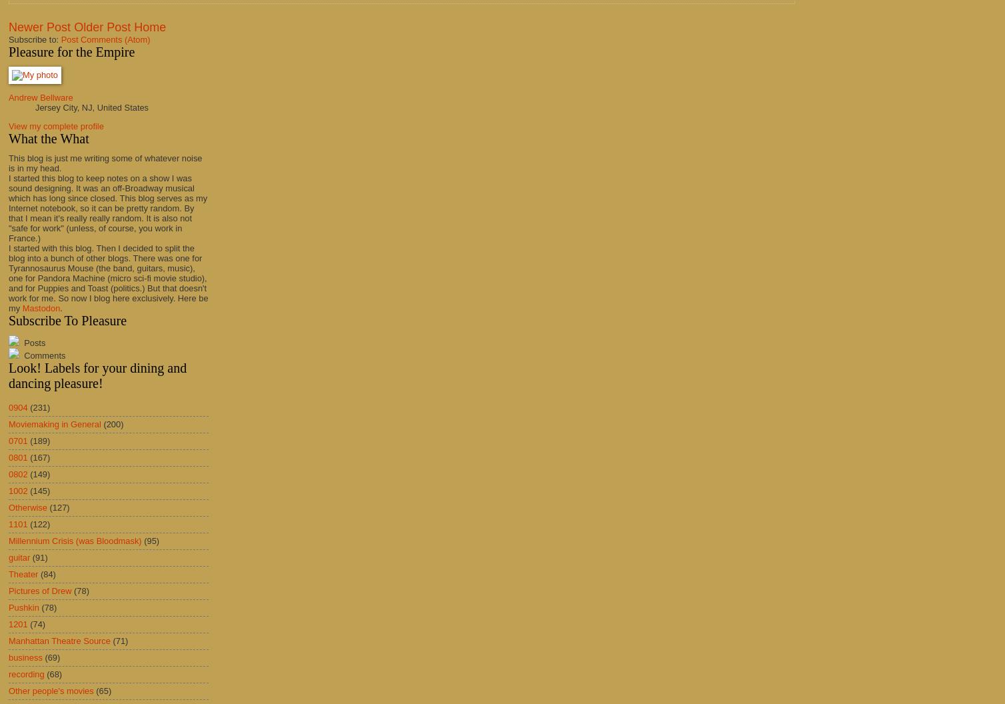 The height and width of the screenshot is (704, 1005). Describe the element at coordinates (43, 355) in the screenshot. I see `'Comments'` at that location.